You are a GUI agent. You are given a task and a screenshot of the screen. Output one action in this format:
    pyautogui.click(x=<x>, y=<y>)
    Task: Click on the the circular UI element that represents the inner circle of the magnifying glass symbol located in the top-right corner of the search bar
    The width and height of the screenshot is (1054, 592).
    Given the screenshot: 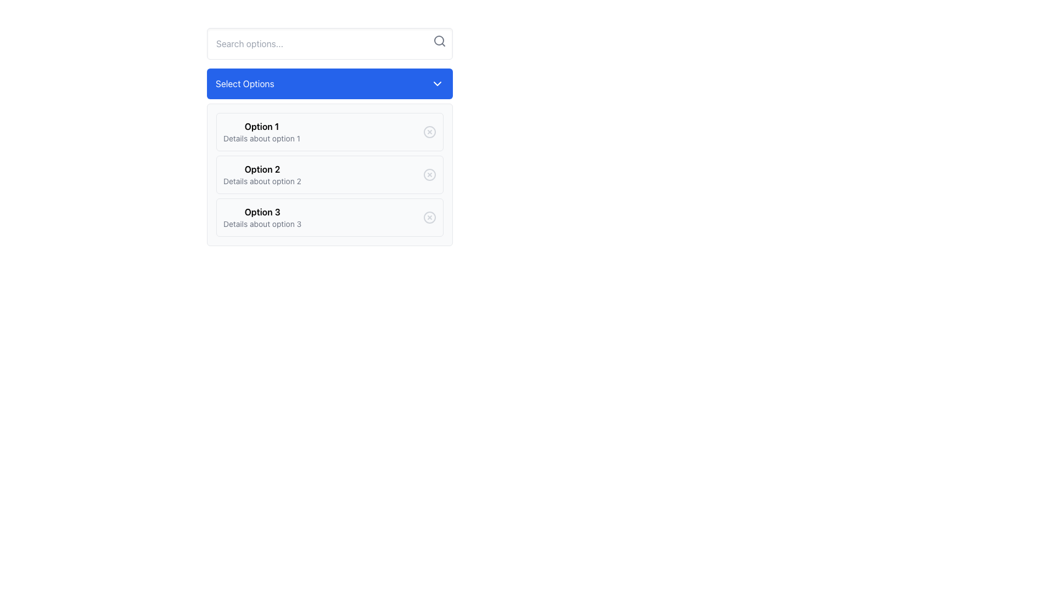 What is the action you would take?
    pyautogui.click(x=439, y=39)
    